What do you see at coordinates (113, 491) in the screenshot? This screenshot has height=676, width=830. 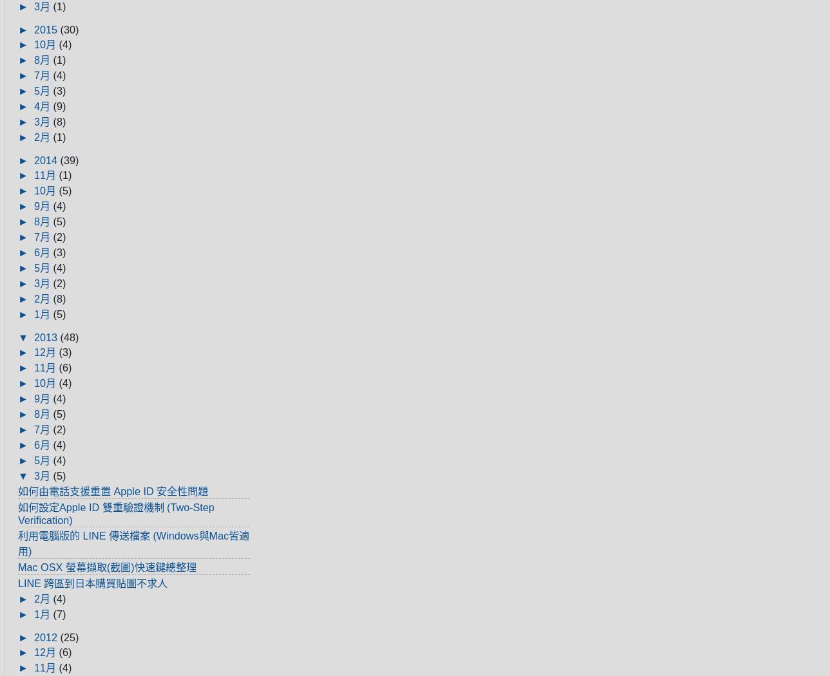 I see `'如何由電話支援重置 Apple ID 安全性問題'` at bounding box center [113, 491].